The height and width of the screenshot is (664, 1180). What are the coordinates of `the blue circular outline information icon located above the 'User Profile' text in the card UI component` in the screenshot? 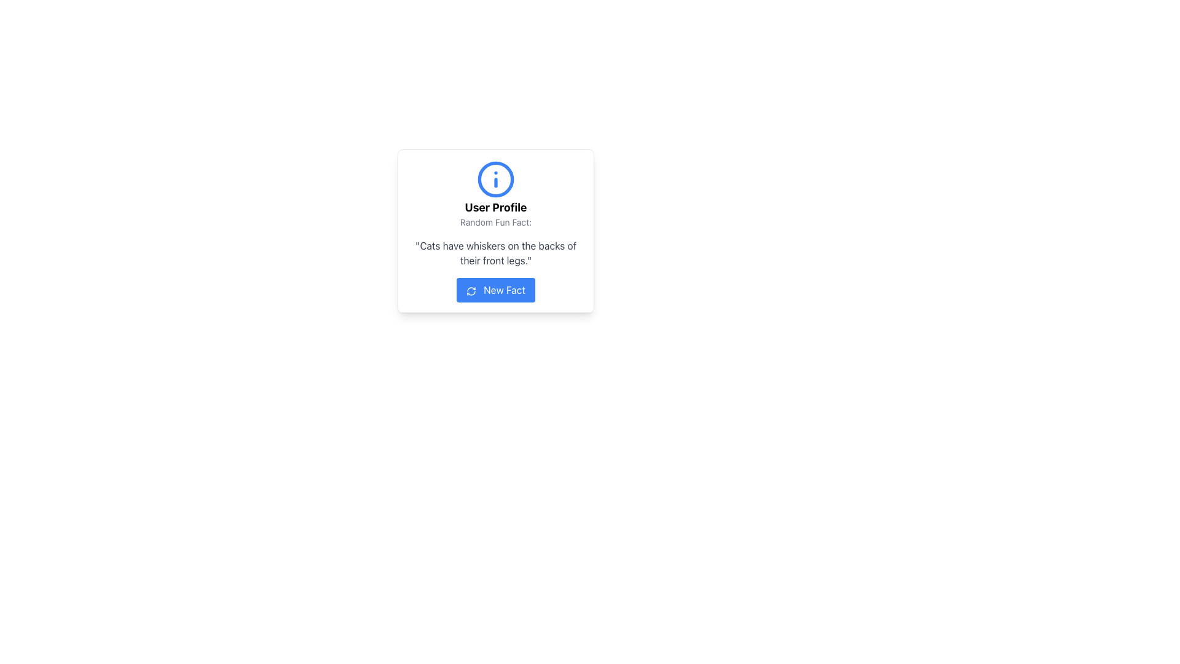 It's located at (495, 180).